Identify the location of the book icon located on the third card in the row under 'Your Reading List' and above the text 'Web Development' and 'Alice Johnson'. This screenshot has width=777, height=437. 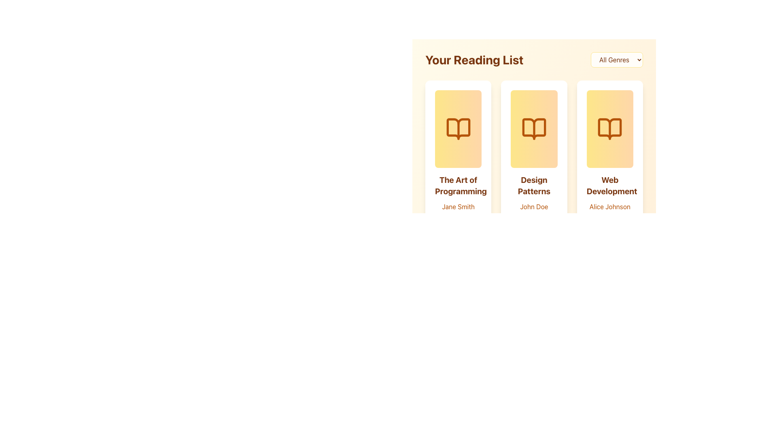
(610, 129).